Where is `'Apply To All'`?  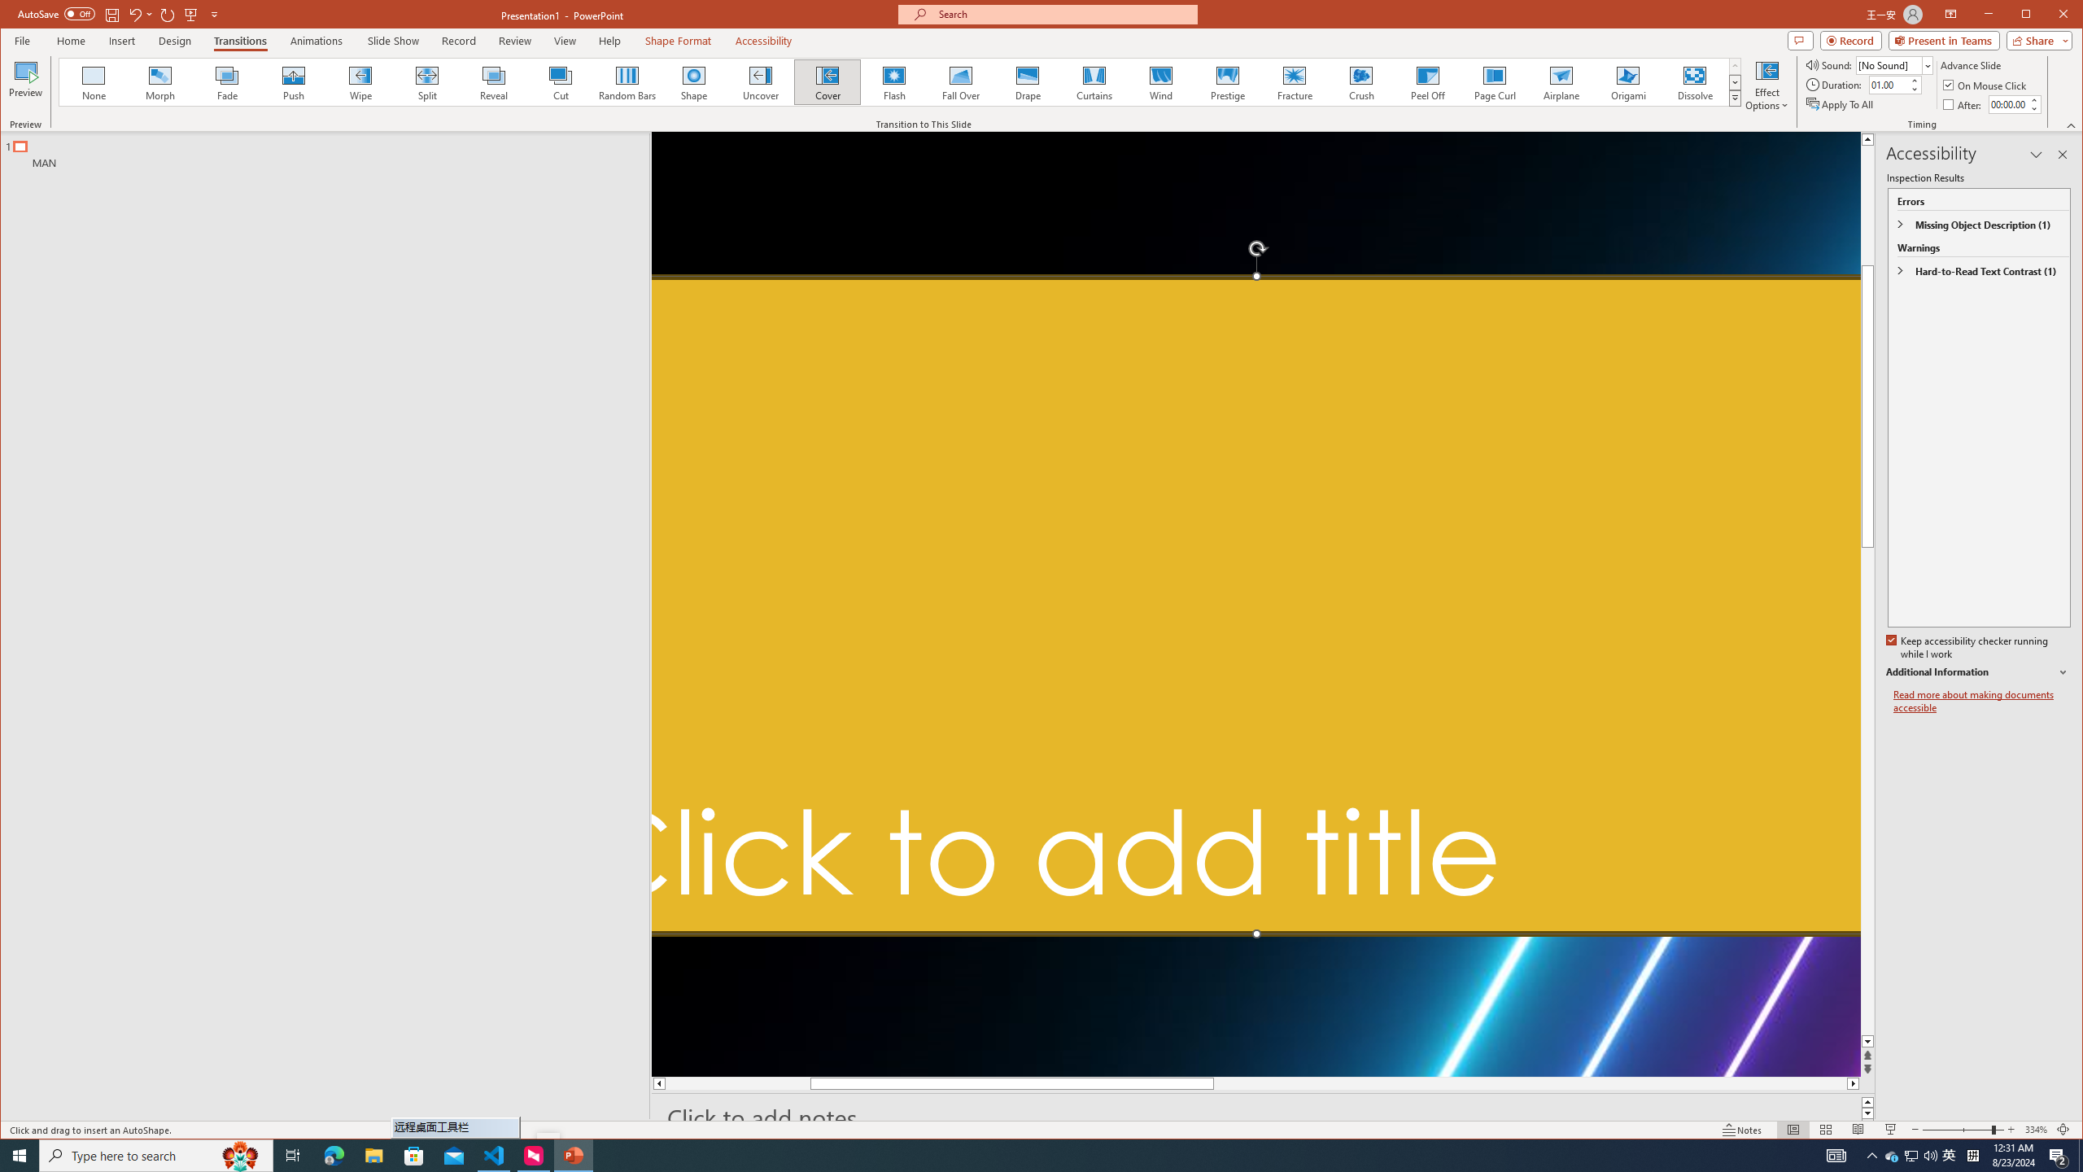
'Apply To All' is located at coordinates (1841, 103).